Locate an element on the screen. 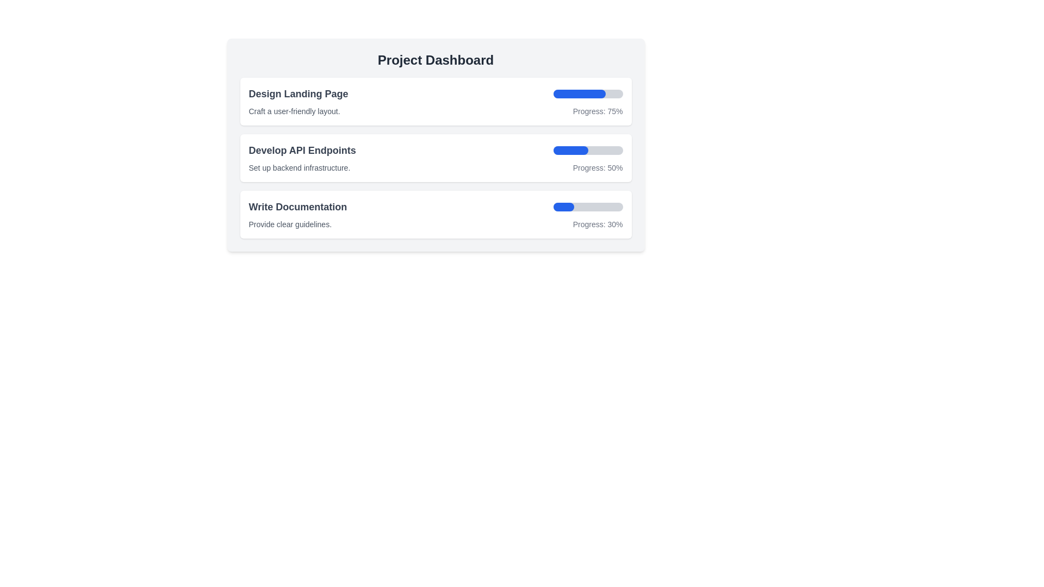  text block containing the description 'Set up backend infrastructure.' located under the card titled 'Develop API Endpoints' in the 'Project Dashboard' section is located at coordinates (299, 167).